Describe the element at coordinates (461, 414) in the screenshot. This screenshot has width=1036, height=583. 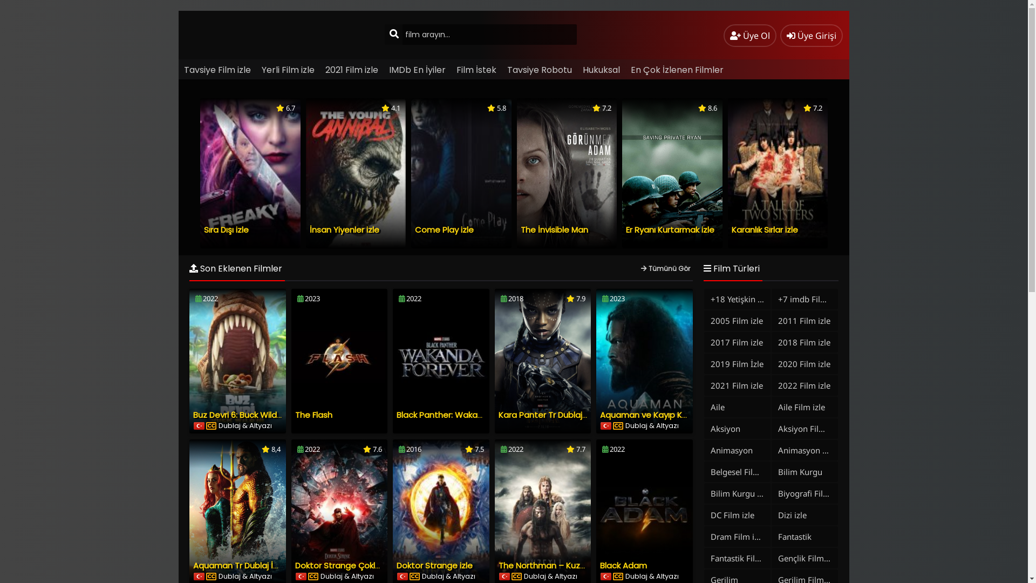
I see `'Black Panther: Wakanda Forever'` at that location.